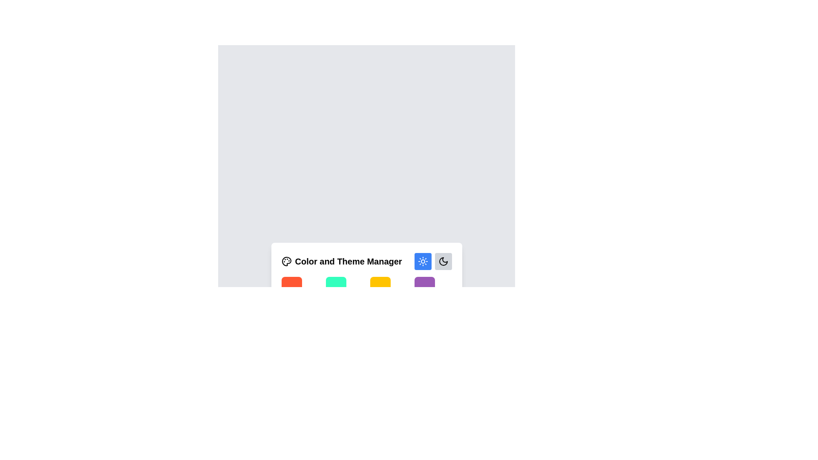 The image size is (818, 460). I want to click on the vibrant light green Color block, which is the second item in a grid layout of four colorful squares, located near the center at the bottom of the interface, so click(335, 287).